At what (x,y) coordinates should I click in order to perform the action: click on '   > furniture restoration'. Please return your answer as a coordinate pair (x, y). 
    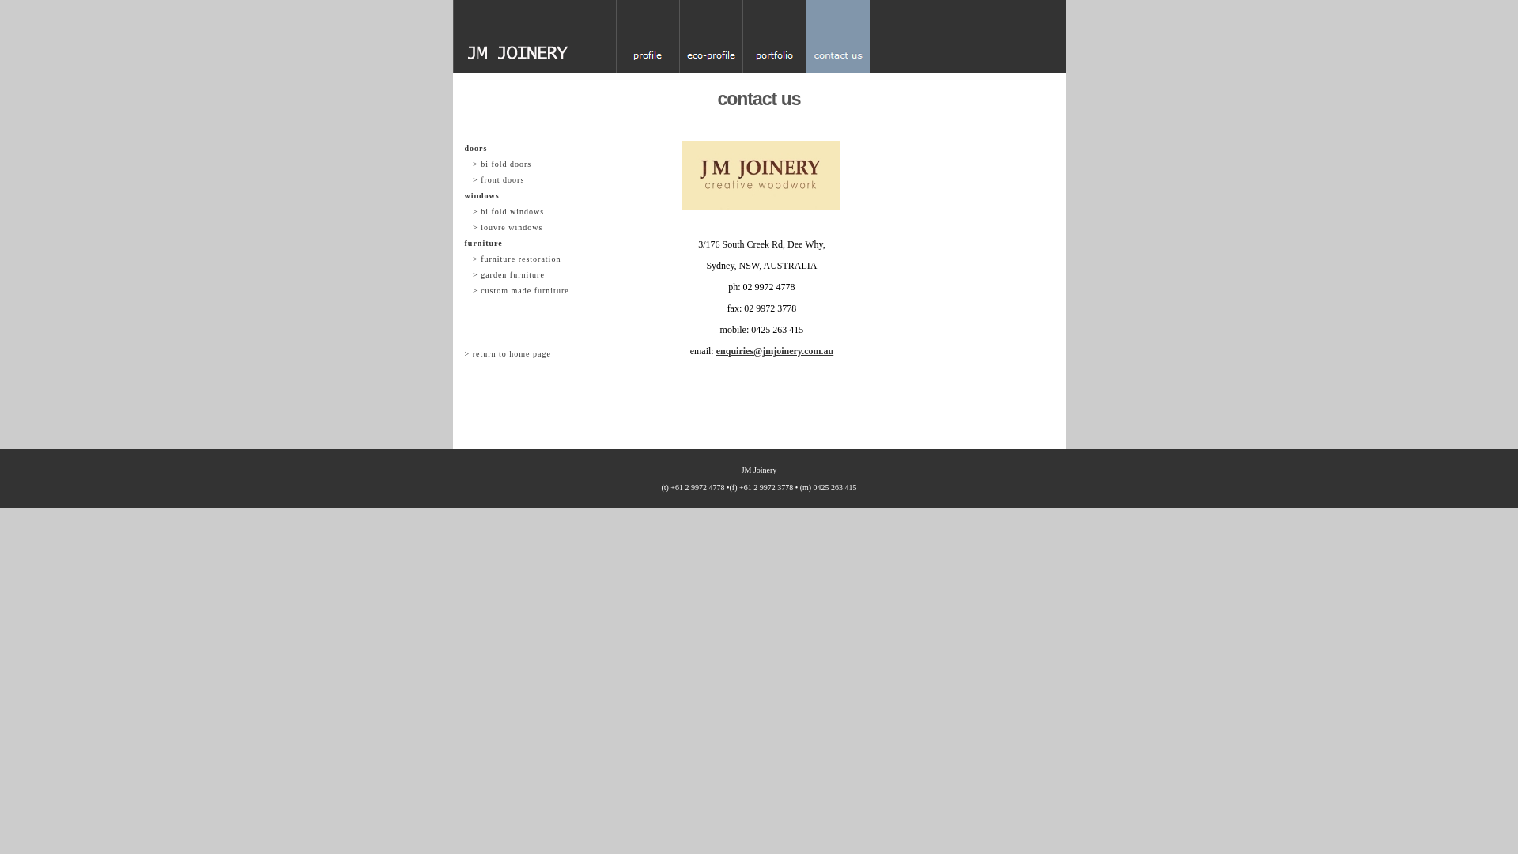
    Looking at the image, I should click on (527, 258).